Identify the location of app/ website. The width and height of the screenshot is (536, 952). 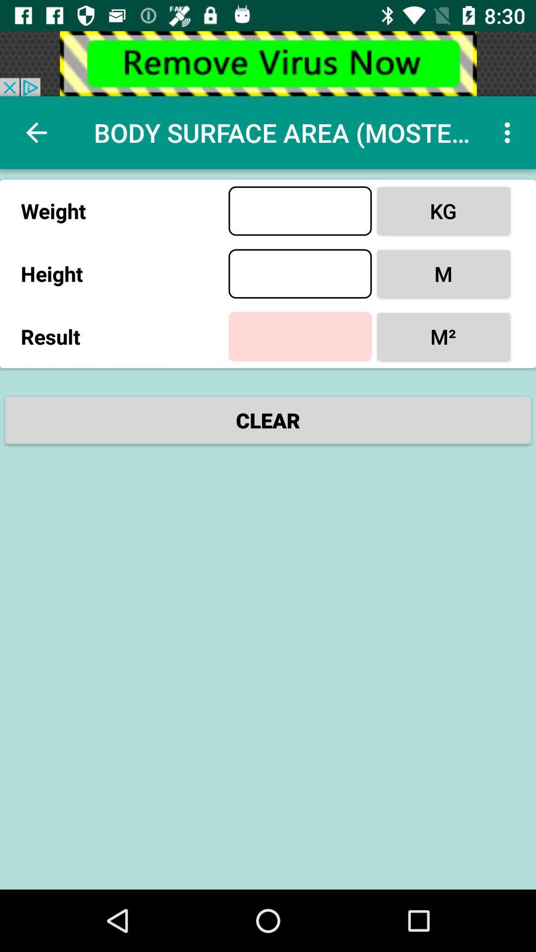
(268, 63).